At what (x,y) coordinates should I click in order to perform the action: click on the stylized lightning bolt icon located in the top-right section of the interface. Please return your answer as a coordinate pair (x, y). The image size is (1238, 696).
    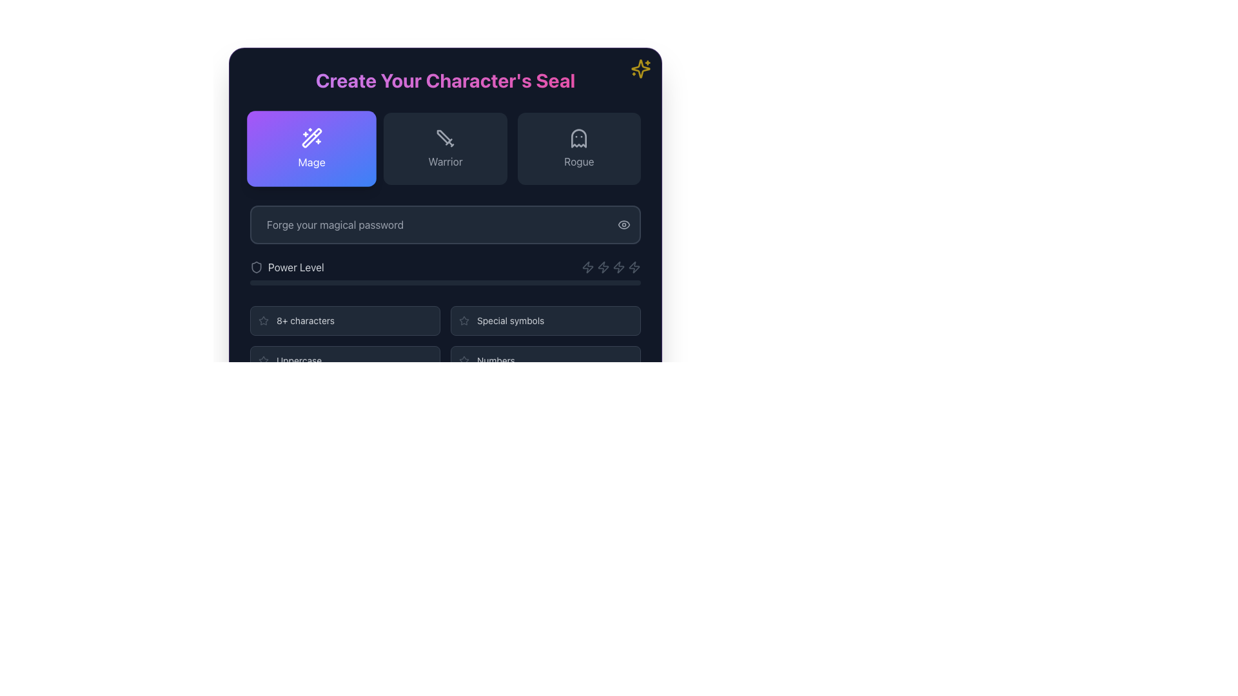
    Looking at the image, I should click on (587, 267).